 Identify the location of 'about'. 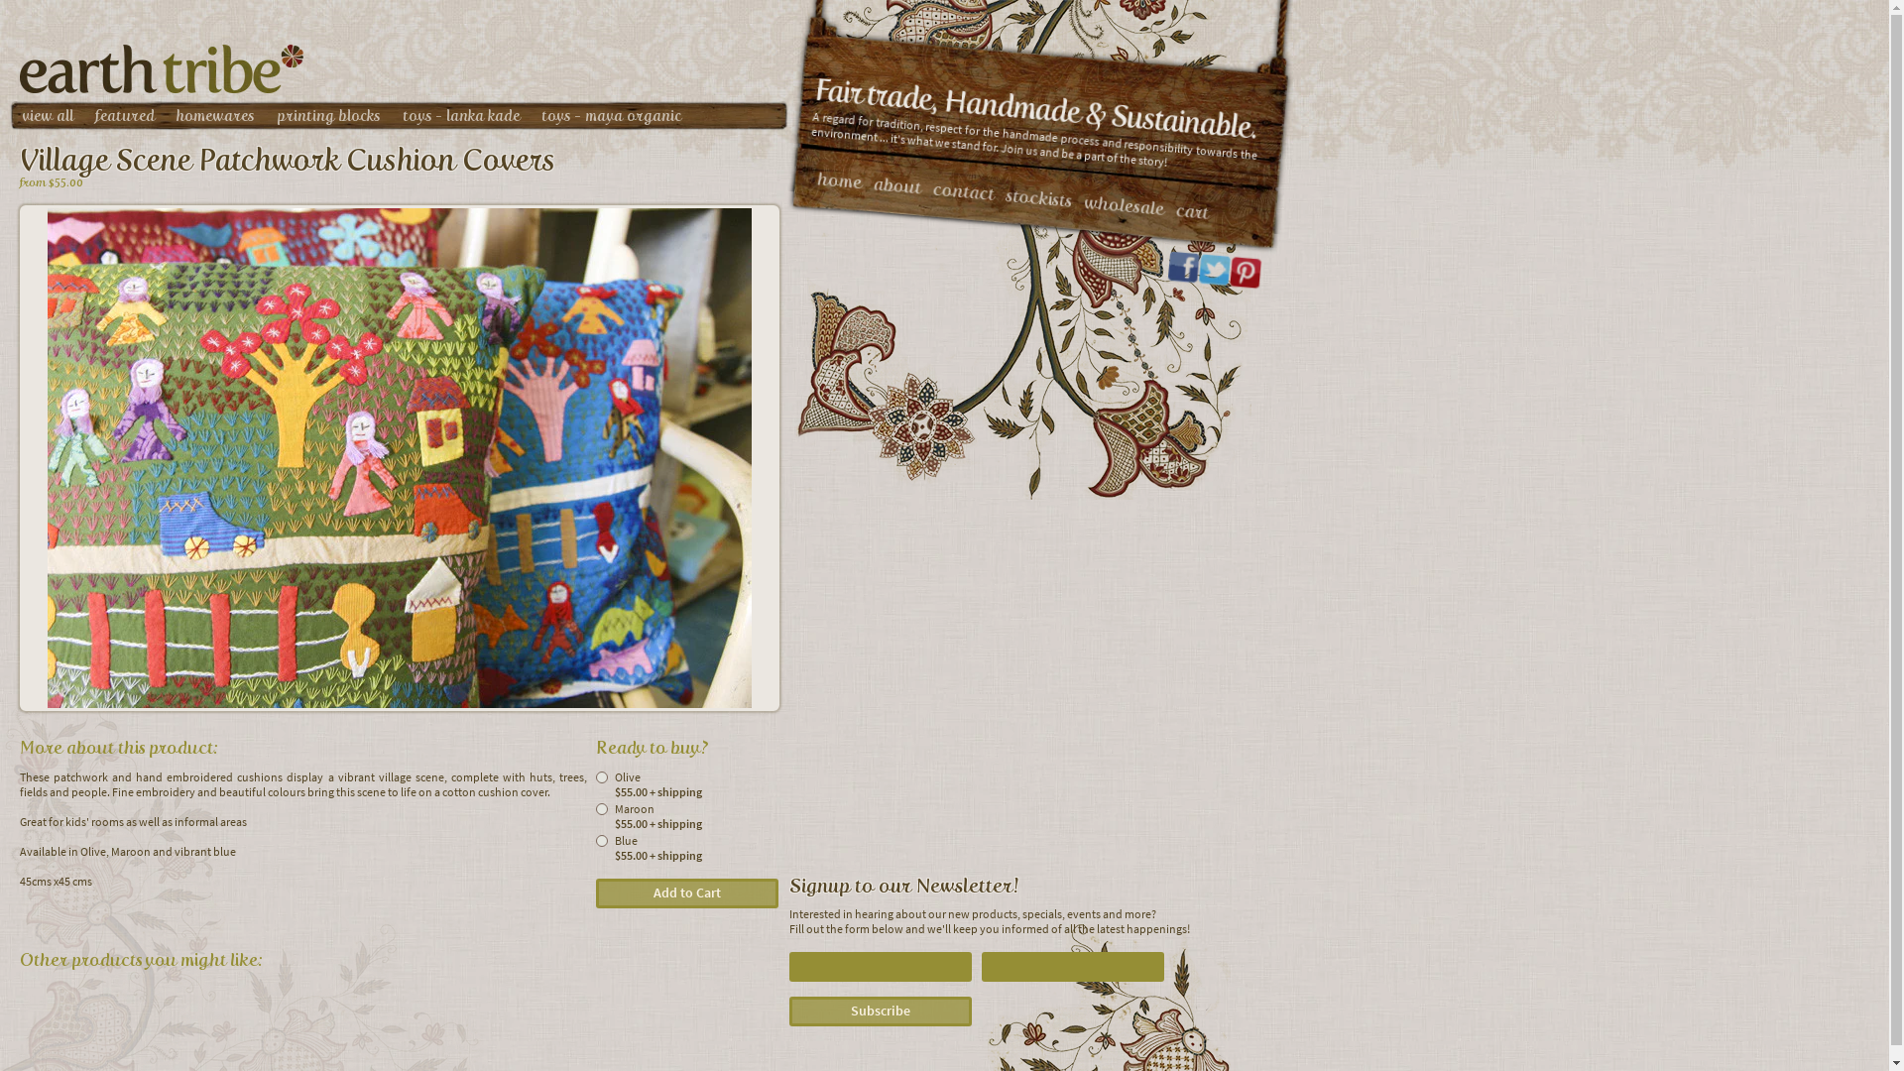
(872, 183).